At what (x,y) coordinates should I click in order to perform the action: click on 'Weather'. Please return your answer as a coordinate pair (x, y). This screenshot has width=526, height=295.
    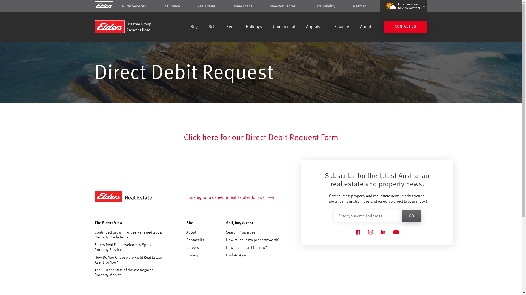
    Looking at the image, I should click on (359, 6).